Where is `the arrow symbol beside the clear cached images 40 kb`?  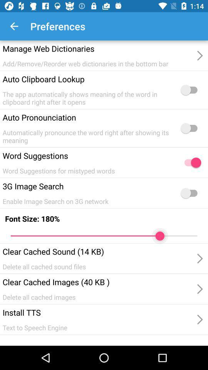
the arrow symbol beside the clear cached images 40 kb is located at coordinates (199, 288).